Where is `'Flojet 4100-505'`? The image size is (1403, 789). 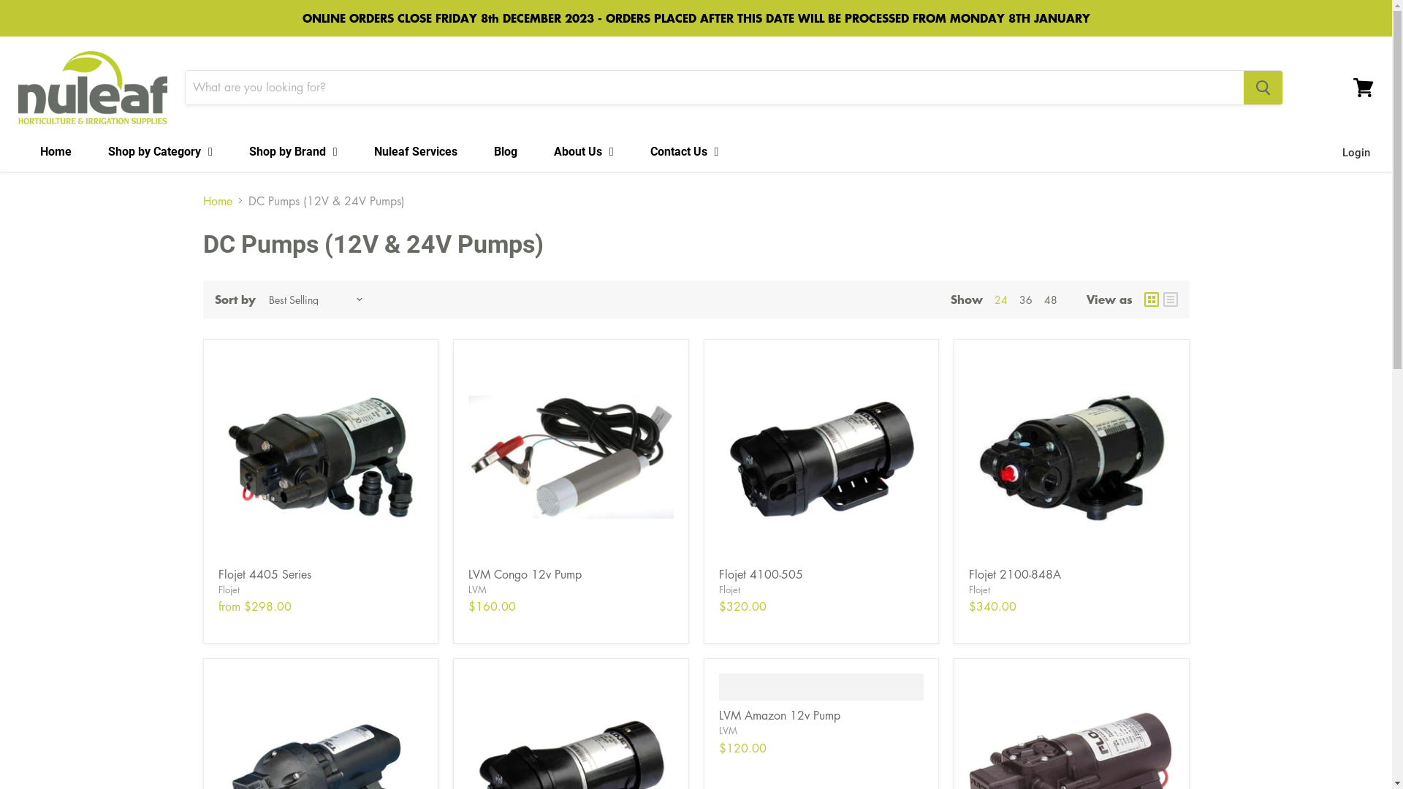 'Flojet 4100-505' is located at coordinates (760, 573).